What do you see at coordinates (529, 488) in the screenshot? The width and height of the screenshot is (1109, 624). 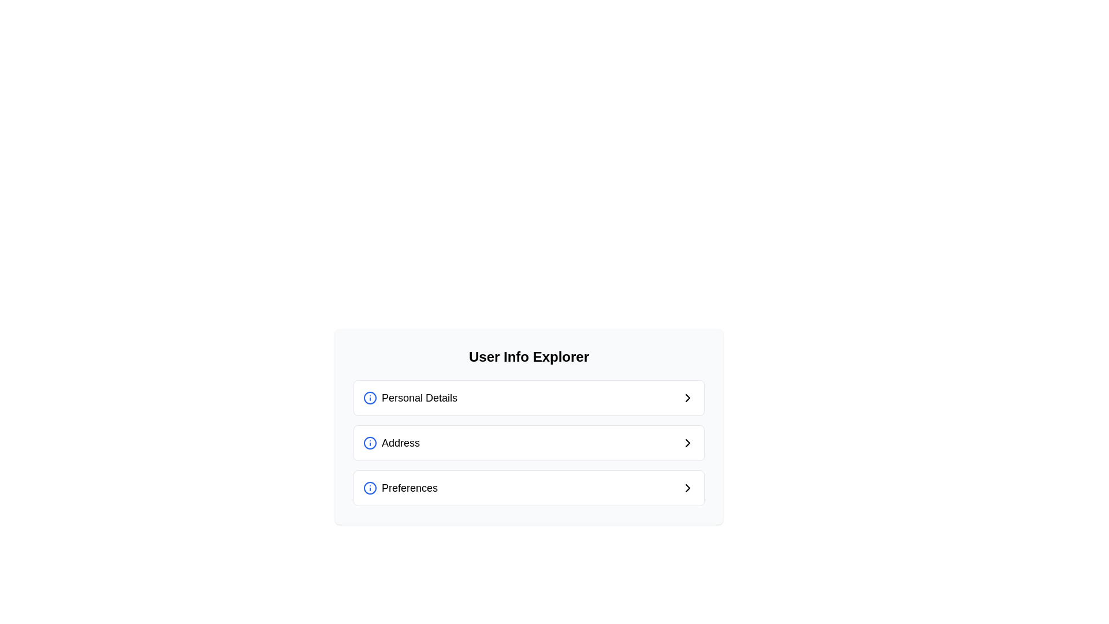 I see `the 'Preferences' button located at the bottom of the vertical stack of navigational elements` at bounding box center [529, 488].